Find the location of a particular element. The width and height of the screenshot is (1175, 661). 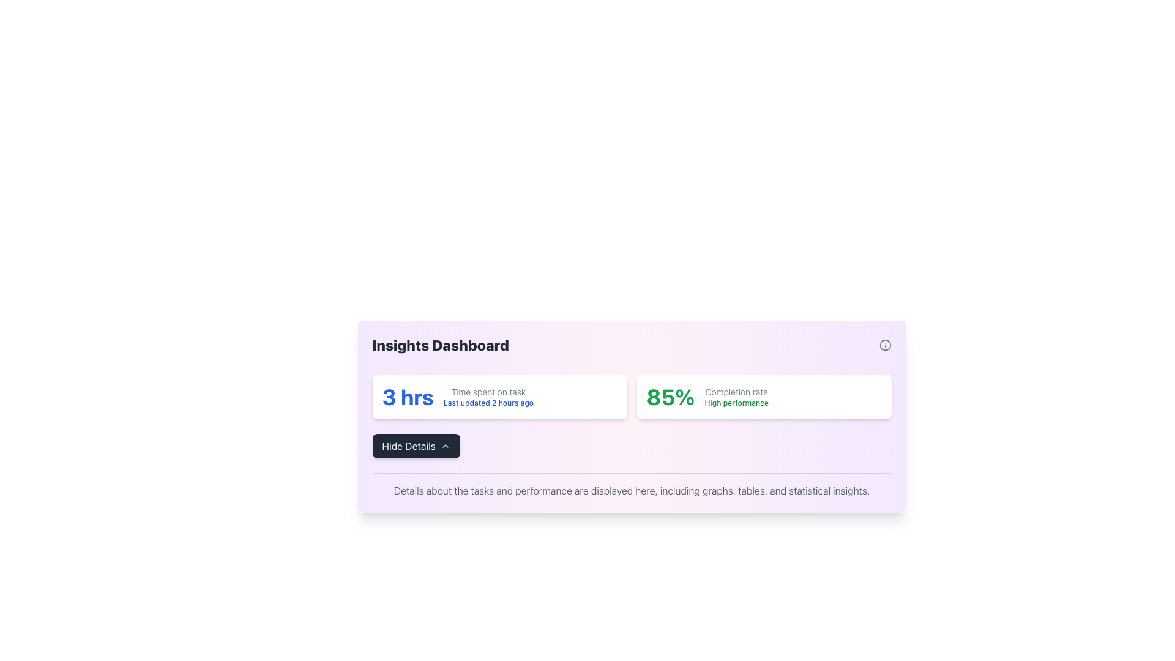

the card component that displays '3 hrs' in large blue text, located on the left side of the grid of two cards in the middle of the dashboard is located at coordinates (499, 397).